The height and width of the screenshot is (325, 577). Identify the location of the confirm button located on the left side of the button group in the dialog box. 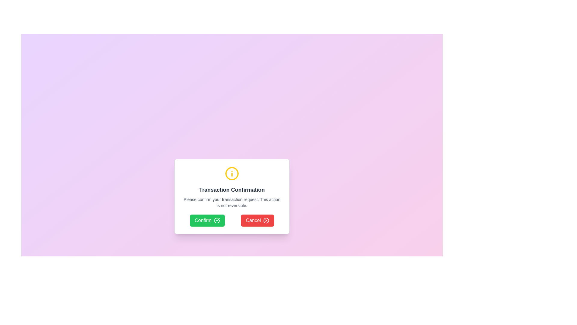
(207, 220).